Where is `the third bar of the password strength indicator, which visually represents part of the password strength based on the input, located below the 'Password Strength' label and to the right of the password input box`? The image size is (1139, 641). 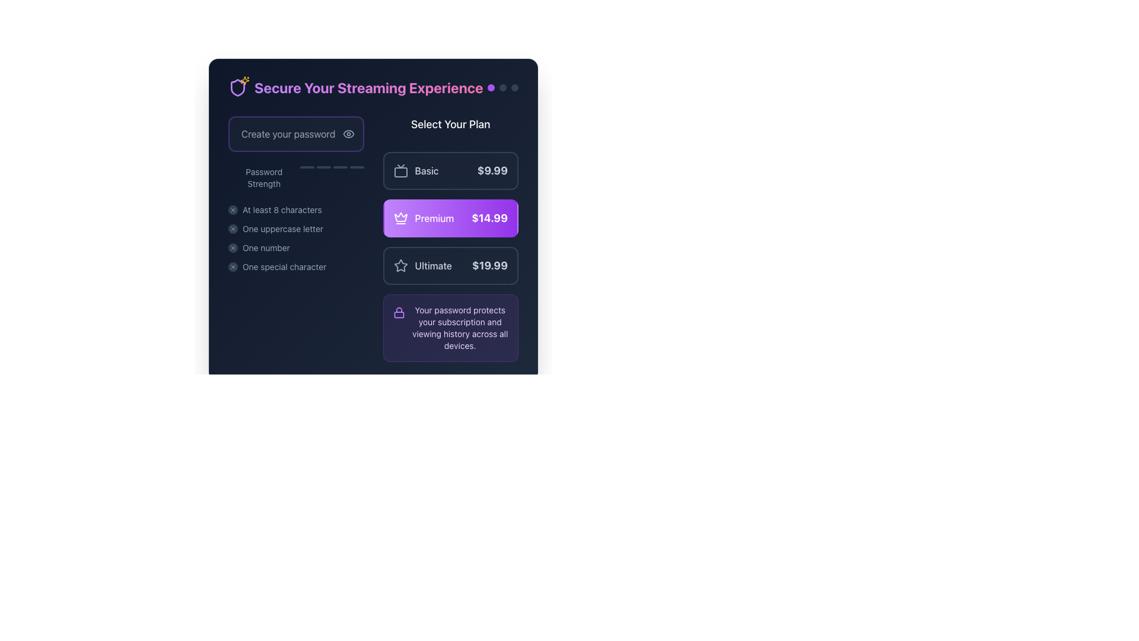 the third bar of the password strength indicator, which visually represents part of the password strength based on the input, located below the 'Password Strength' label and to the right of the password input box is located at coordinates (339, 167).